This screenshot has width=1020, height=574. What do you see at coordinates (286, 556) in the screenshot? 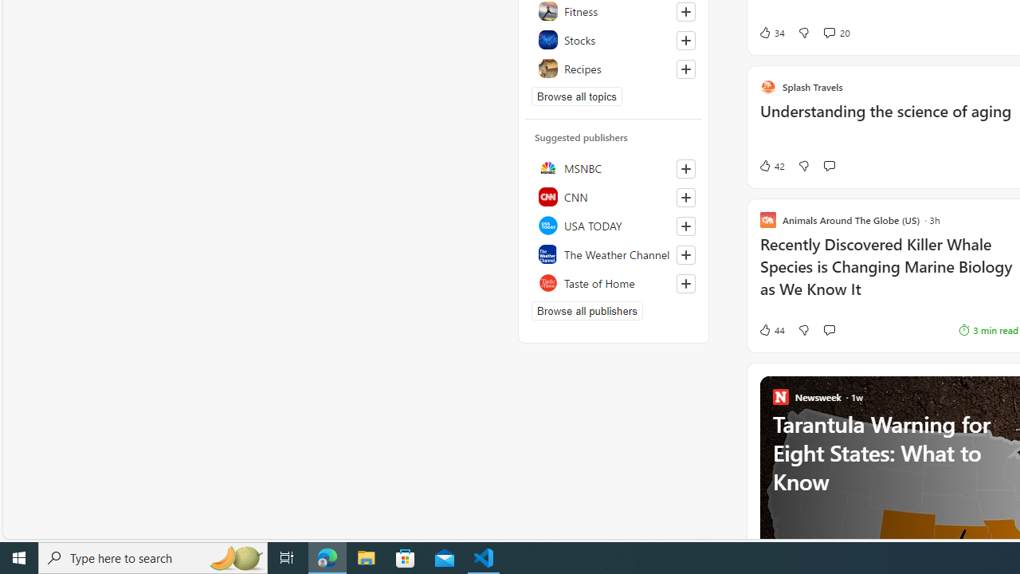
I see `'Task View'` at bounding box center [286, 556].